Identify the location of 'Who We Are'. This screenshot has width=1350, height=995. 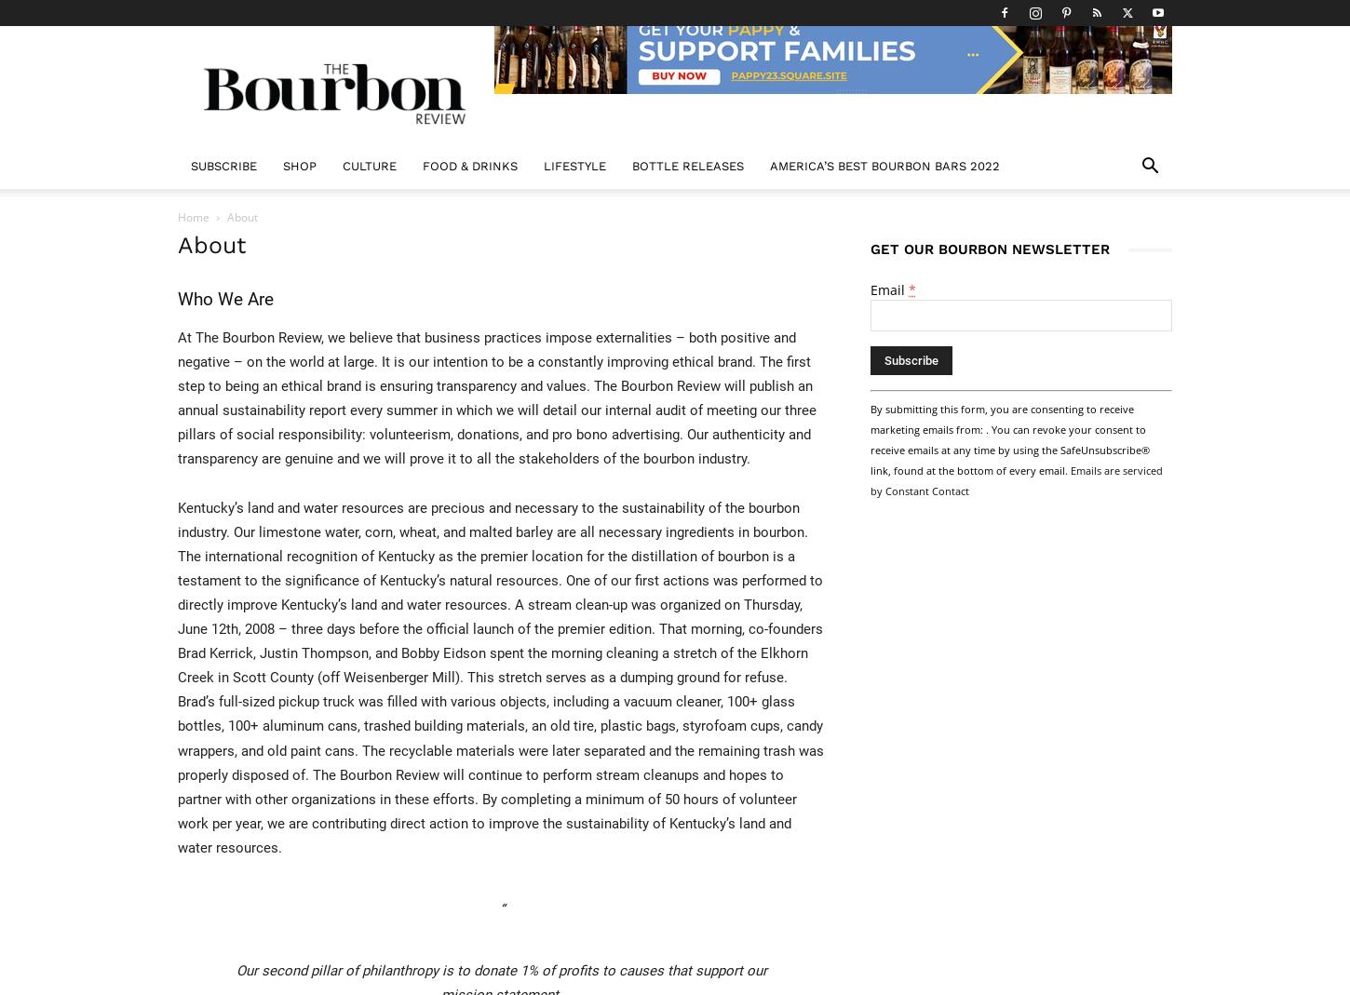
(176, 298).